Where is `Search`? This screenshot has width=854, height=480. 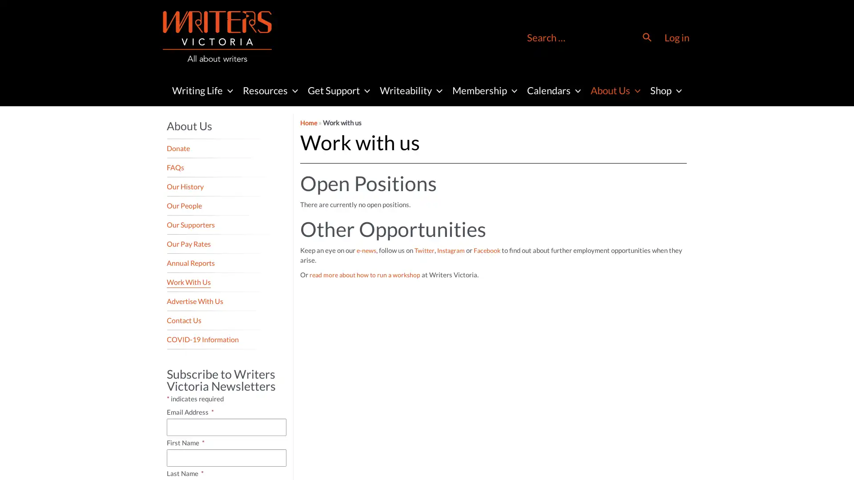
Search is located at coordinates (647, 37).